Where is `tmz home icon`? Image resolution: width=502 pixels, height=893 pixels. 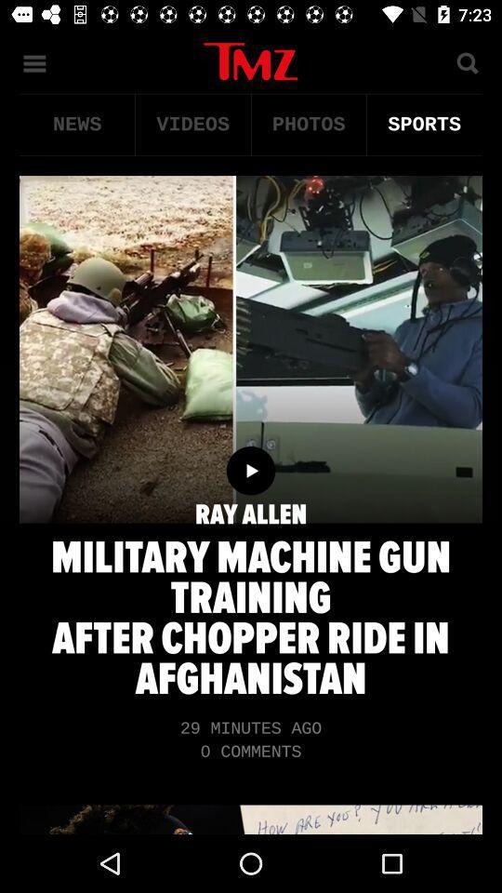 tmz home icon is located at coordinates (250, 61).